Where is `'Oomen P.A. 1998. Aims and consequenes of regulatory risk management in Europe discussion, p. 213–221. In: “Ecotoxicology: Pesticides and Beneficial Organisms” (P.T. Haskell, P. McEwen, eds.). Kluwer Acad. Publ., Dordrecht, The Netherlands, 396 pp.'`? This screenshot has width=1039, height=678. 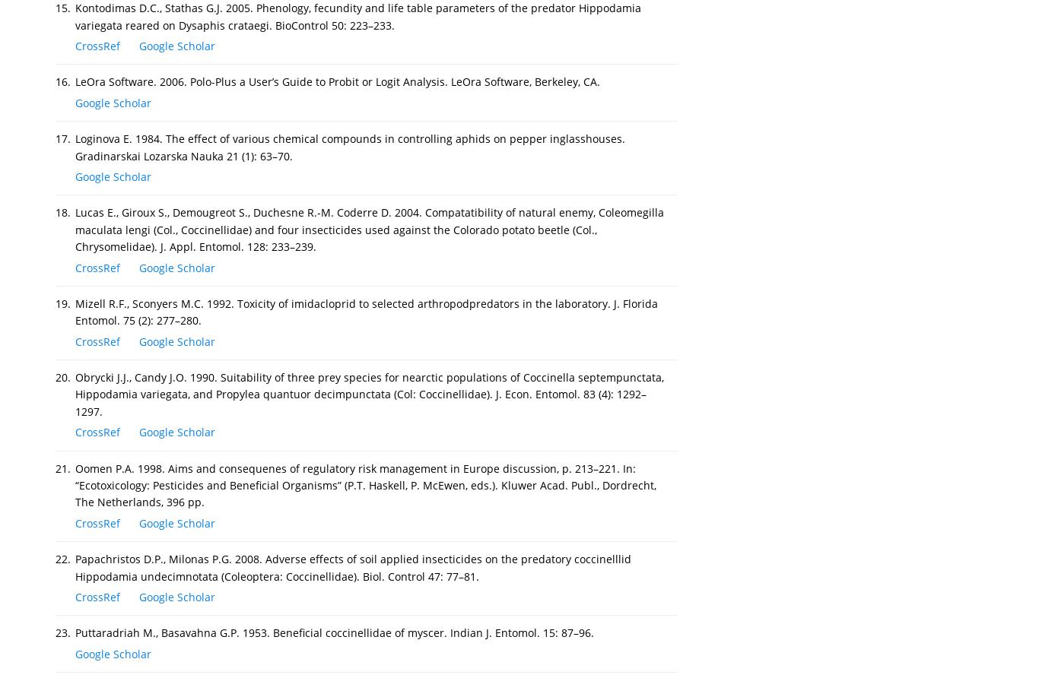 'Oomen P.A. 1998. Aims and consequenes of regulatory risk management in Europe discussion, p. 213–221. In: “Ecotoxicology: Pesticides and Beneficial Organisms” (P.T. Haskell, P. McEwen, eds.). Kluwer Acad. Publ., Dordrecht, The Netherlands, 396 pp.' is located at coordinates (365, 483).